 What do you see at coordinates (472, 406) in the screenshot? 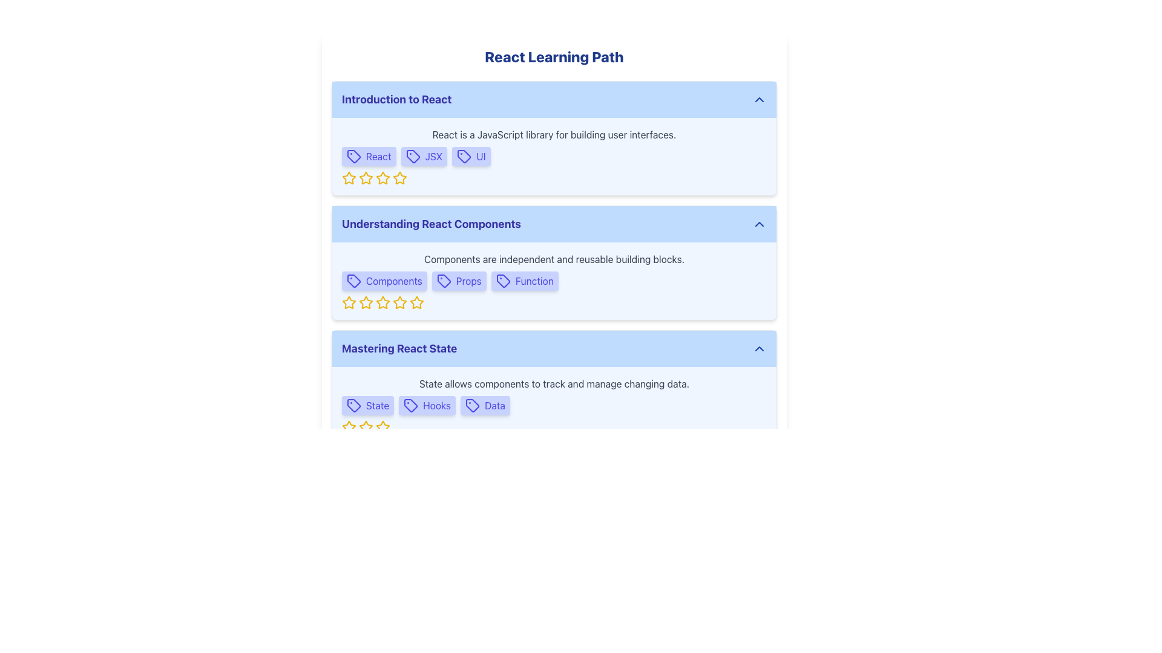
I see `the first icon in the horizontal row of three elements under the 'Mastering React State' section, which visually represents a tag or label associated with the 'Data' label` at bounding box center [472, 406].